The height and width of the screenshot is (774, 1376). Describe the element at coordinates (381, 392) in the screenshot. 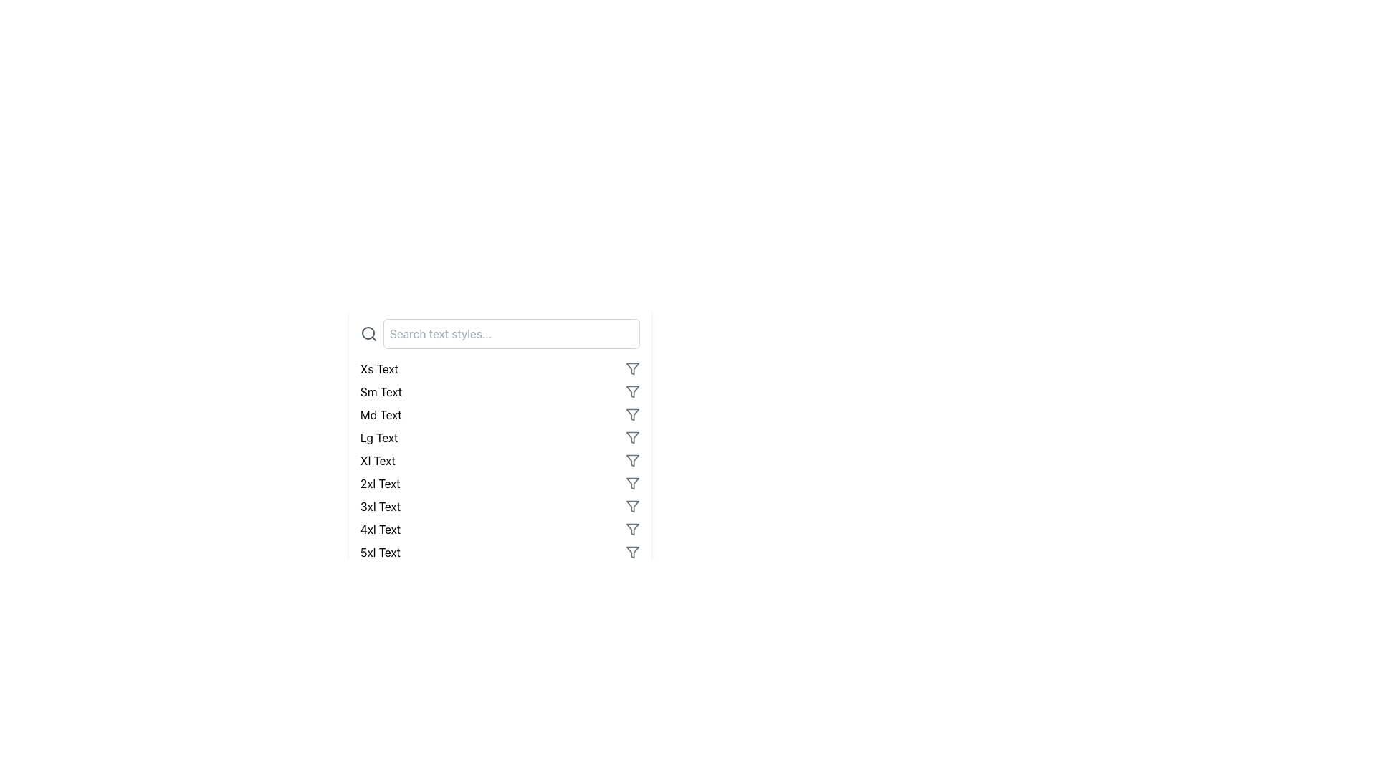

I see `the Text Label that indicates a predefined text style or category, located centrally in the vertical list, between 'Xs Text' and 'Md Text'` at that location.